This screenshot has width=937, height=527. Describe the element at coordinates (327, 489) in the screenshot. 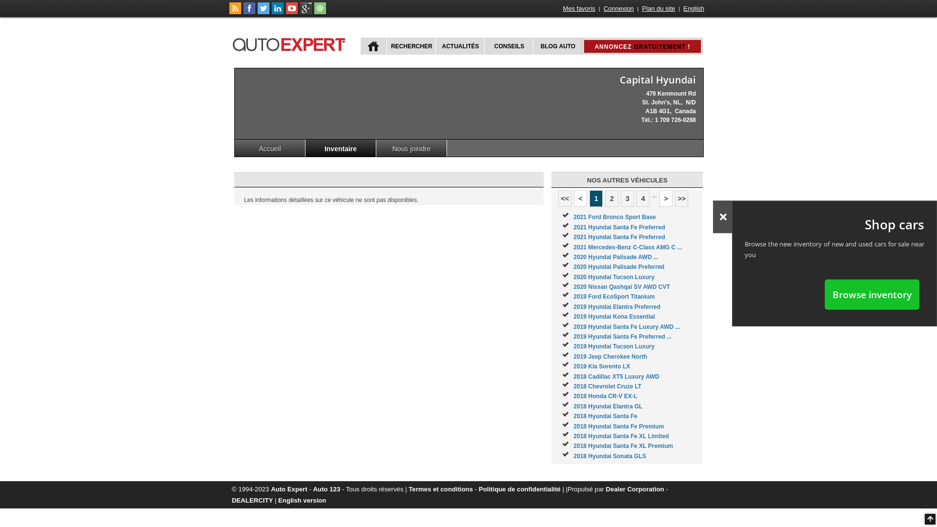

I see `'Auto 123'` at that location.